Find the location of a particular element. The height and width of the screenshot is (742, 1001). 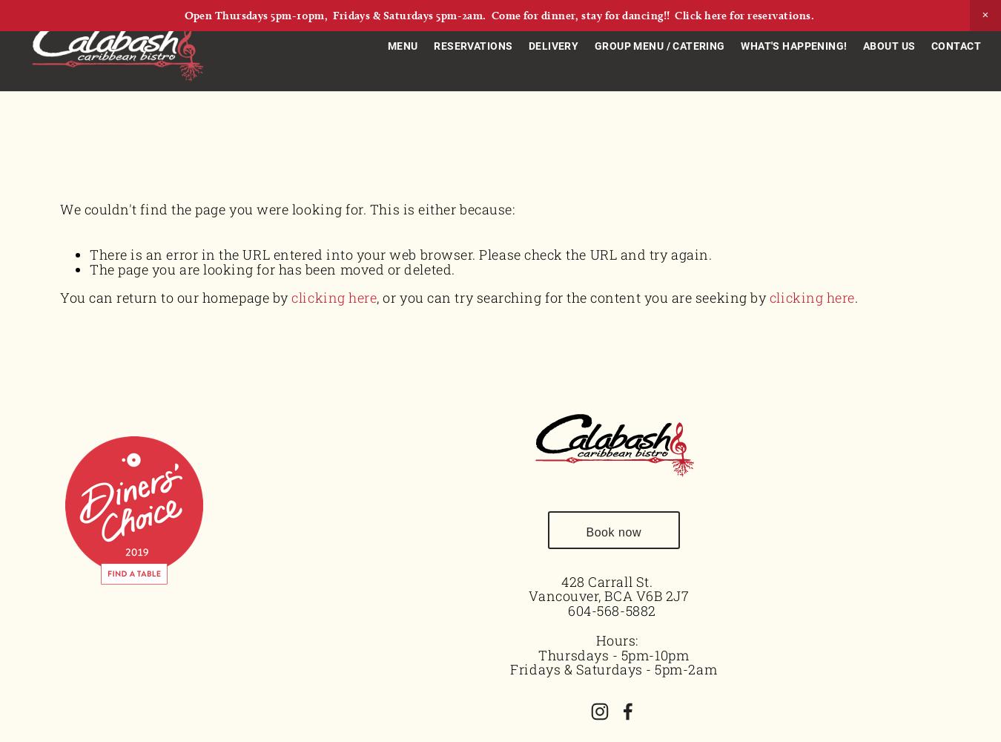

'Our Mission' is located at coordinates (879, 62).